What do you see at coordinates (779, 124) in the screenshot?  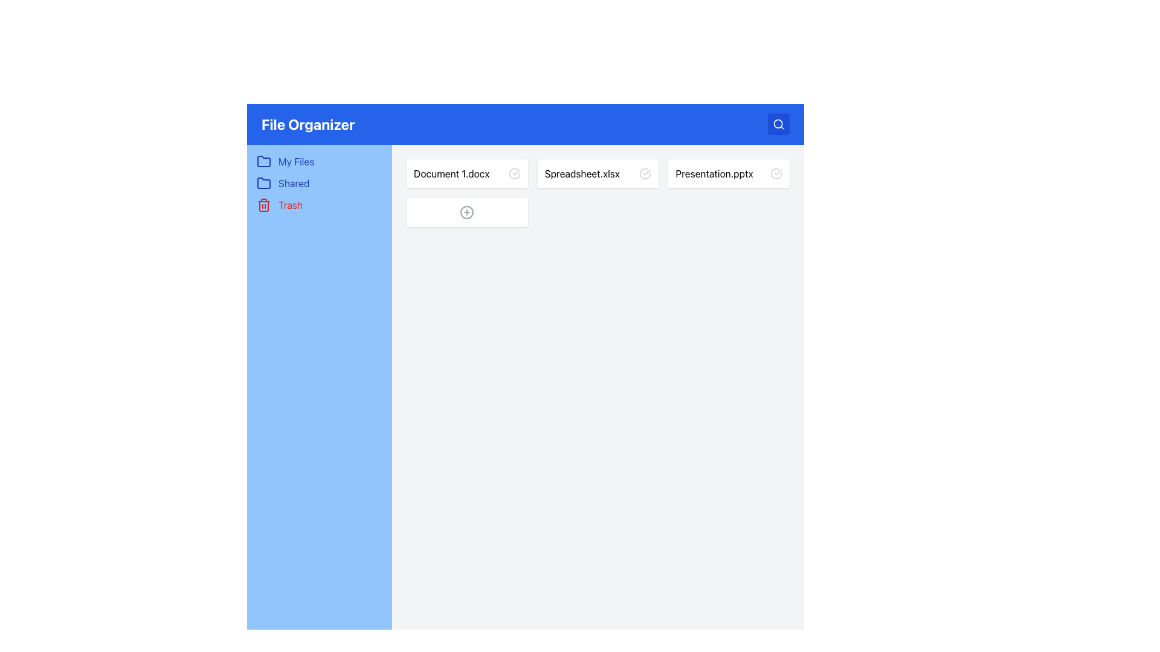 I see `the circular magnifying glass icon located inside the blue rectangular button at the top right corner of the header bar` at bounding box center [779, 124].